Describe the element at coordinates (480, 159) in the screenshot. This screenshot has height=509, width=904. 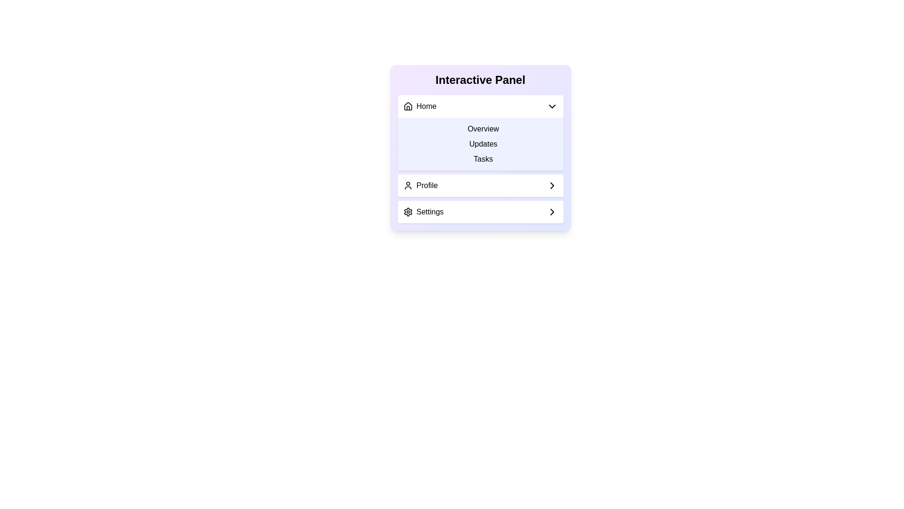
I see `the 'Tasks' navigational link located in the 'Overview' dropdown of the interactive panel, which is the third item under 'Overview'` at that location.